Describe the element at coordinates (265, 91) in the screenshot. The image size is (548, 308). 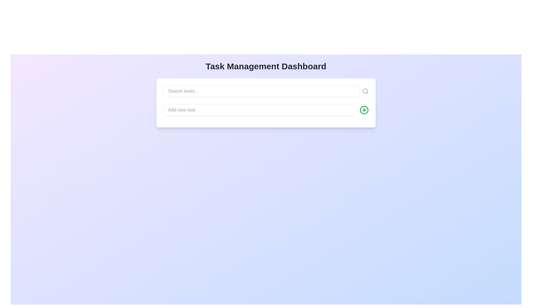
I see `the text input field with placeholder text 'Search tasks...' by clicking on it` at that location.